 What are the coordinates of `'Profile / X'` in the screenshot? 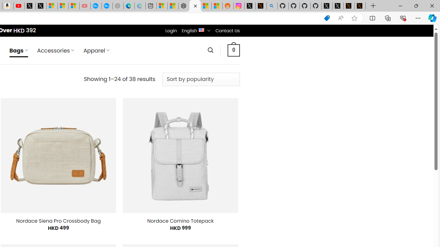 It's located at (327, 6).